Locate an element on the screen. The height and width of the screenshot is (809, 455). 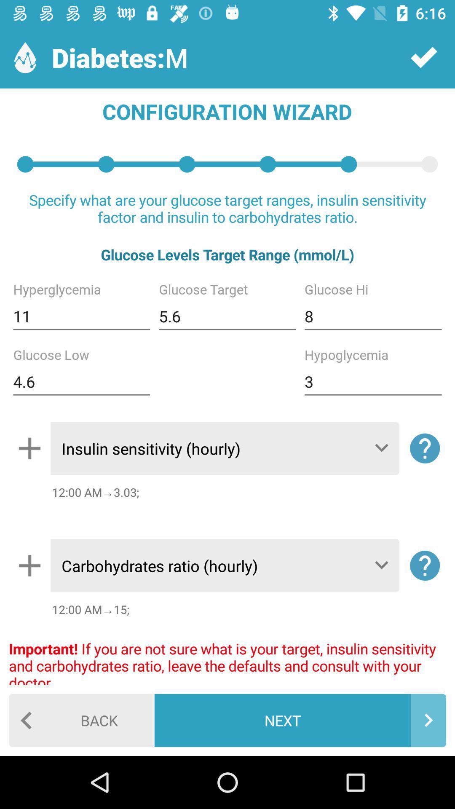
the help icon is located at coordinates (425, 565).